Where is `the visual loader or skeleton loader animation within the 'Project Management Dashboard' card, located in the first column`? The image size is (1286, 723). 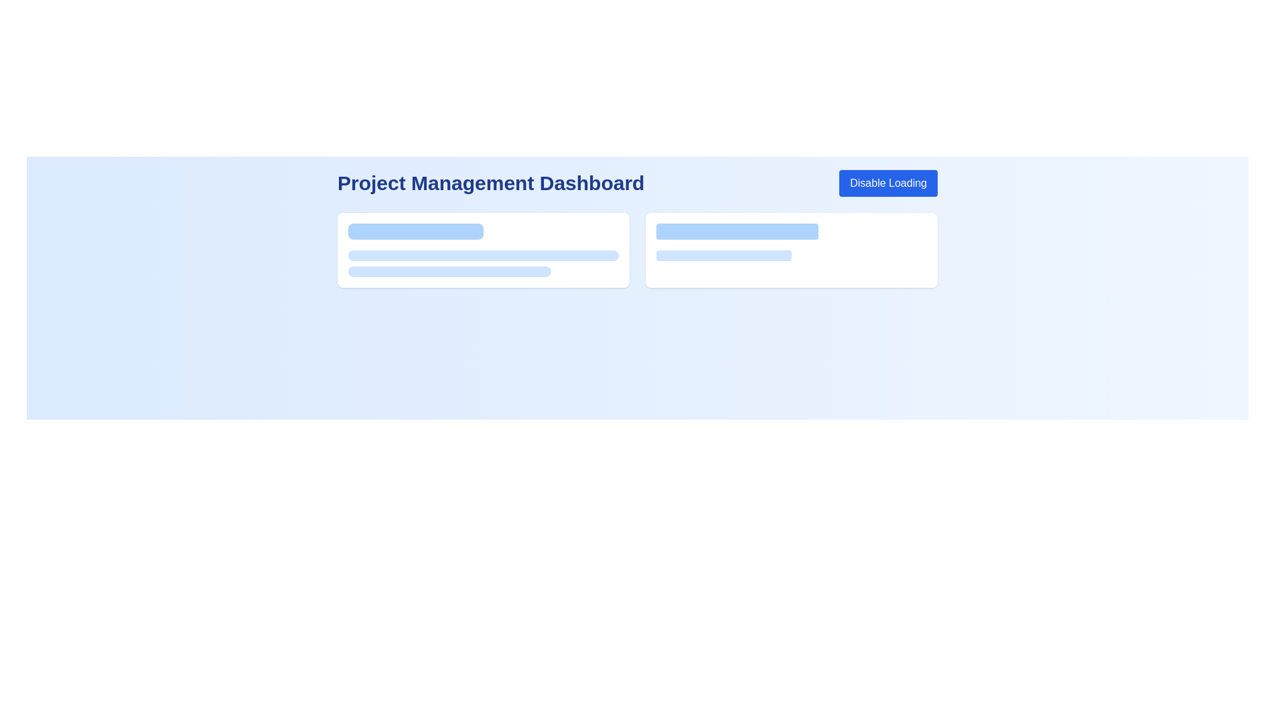
the visual loader or skeleton loader animation within the 'Project Management Dashboard' card, located in the first column is located at coordinates (482, 250).